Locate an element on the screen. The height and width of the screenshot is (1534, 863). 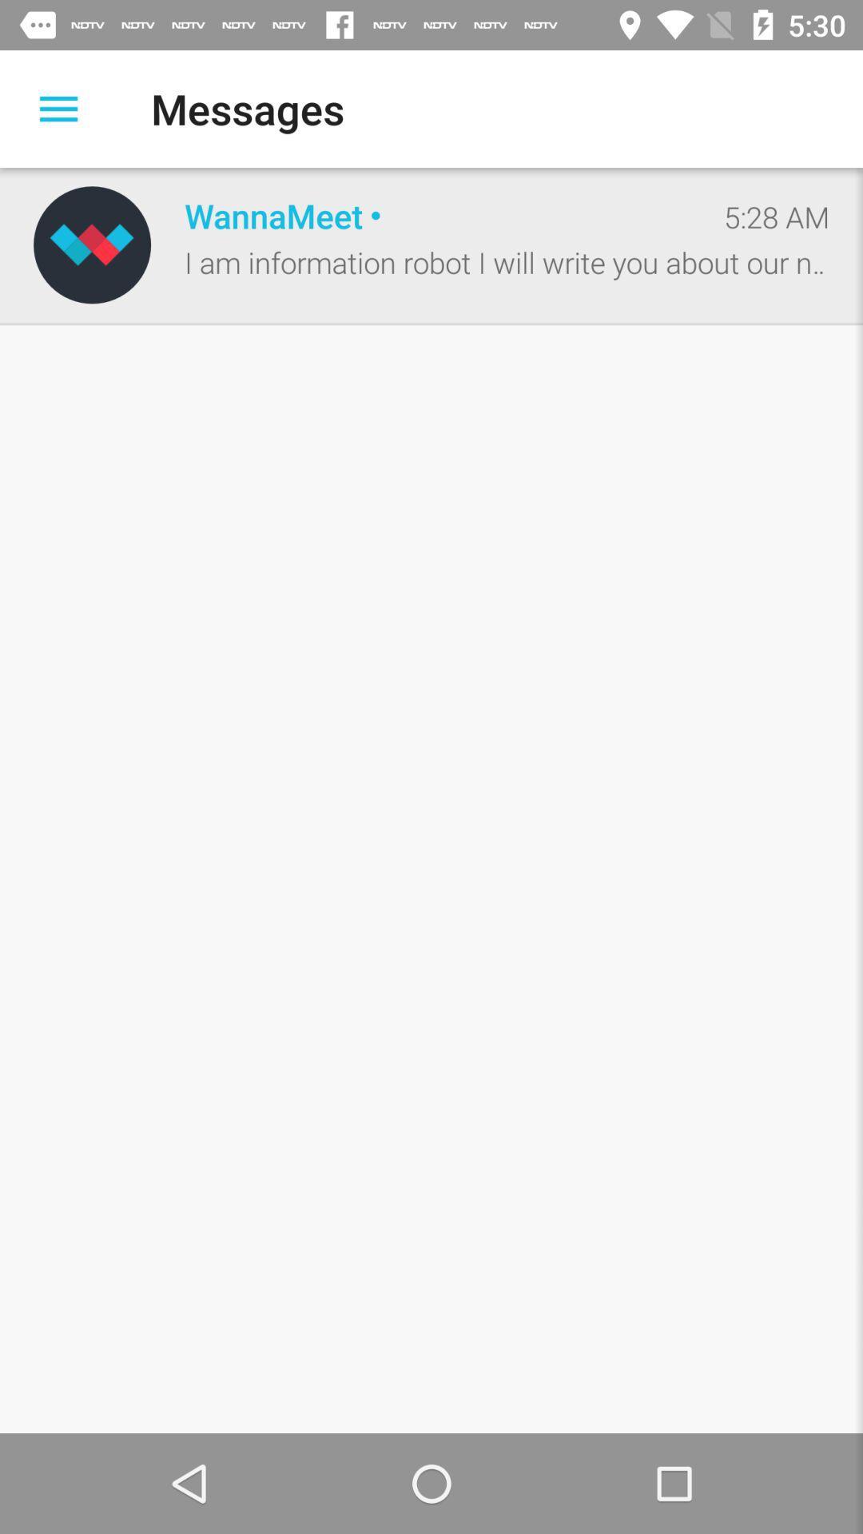
i am information icon is located at coordinates (507, 262).